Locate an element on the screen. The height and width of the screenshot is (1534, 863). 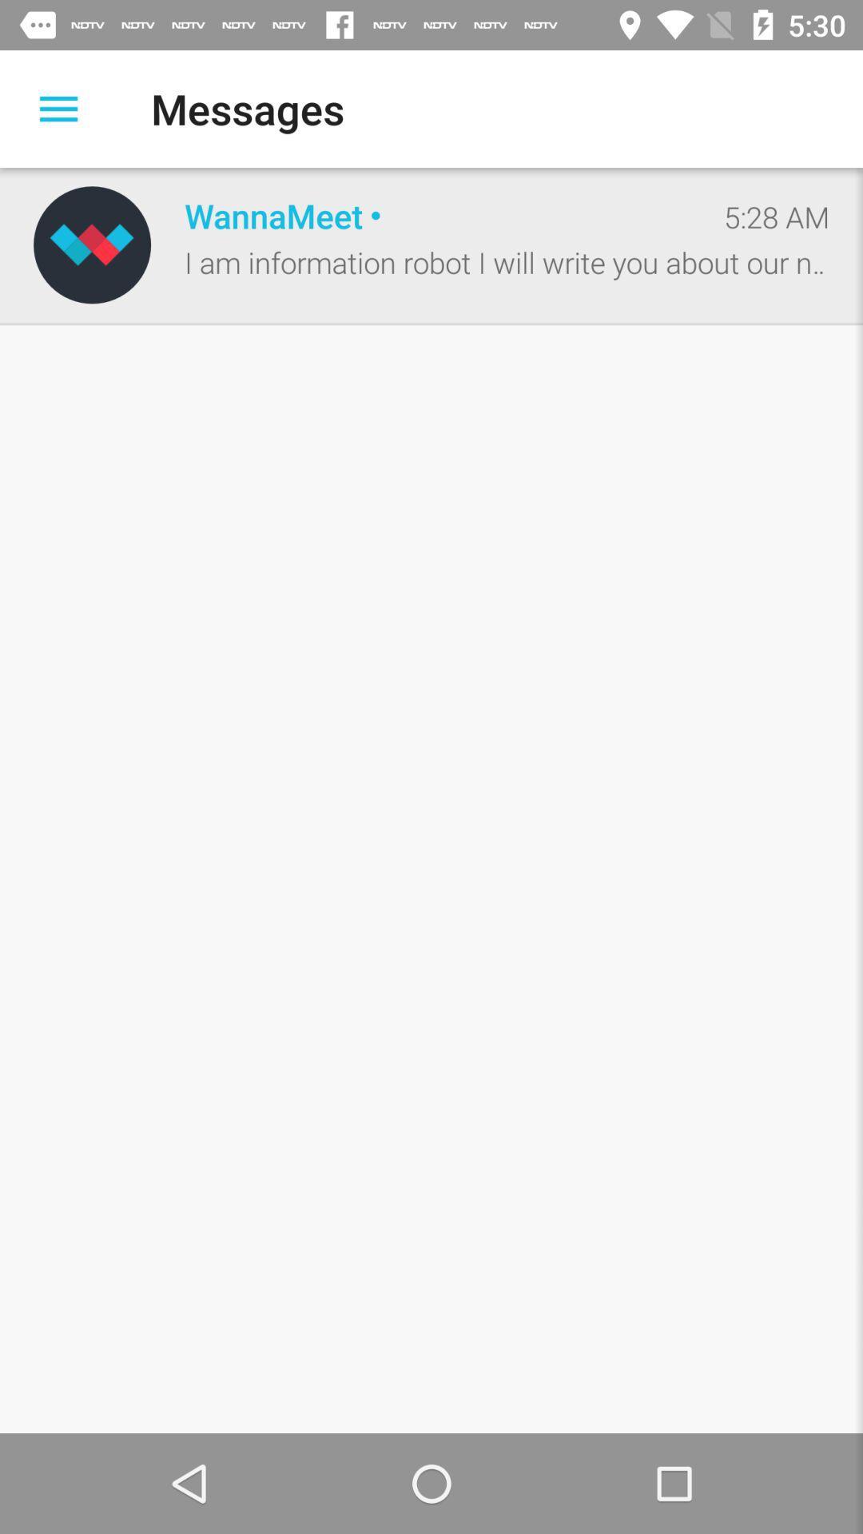
i am information icon is located at coordinates (507, 262).